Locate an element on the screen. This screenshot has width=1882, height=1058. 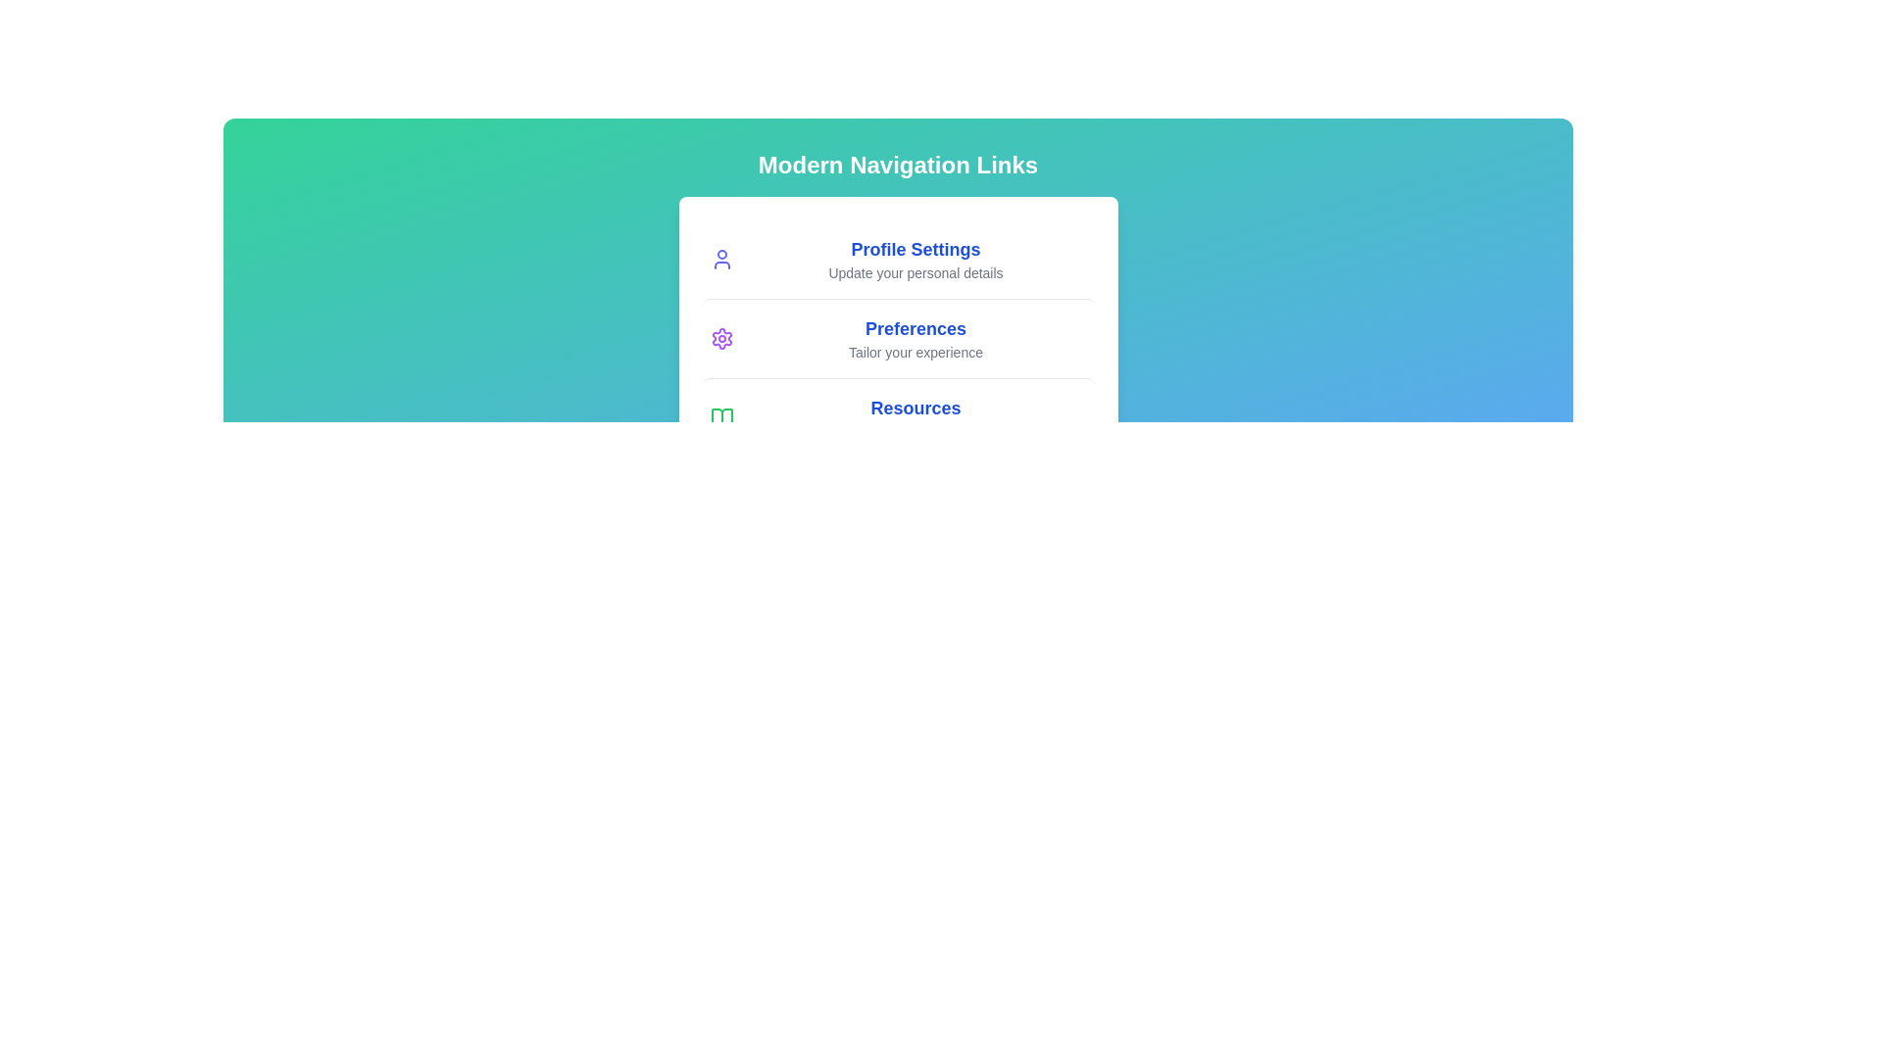
descriptive text label located directly beneath the 'Profile Settings' section, which provides additional context and information about this section is located at coordinates (915, 272).